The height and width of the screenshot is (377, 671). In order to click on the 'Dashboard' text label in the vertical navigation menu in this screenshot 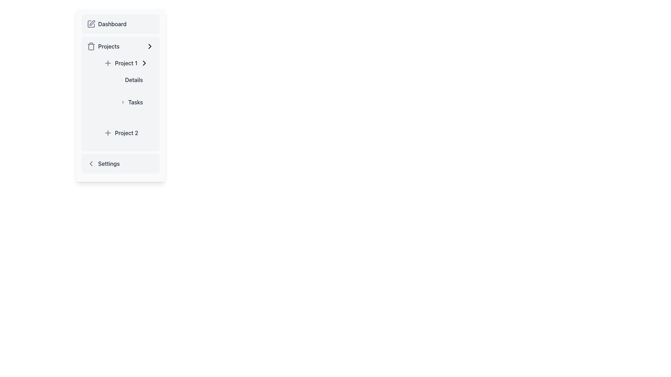, I will do `click(112, 24)`.